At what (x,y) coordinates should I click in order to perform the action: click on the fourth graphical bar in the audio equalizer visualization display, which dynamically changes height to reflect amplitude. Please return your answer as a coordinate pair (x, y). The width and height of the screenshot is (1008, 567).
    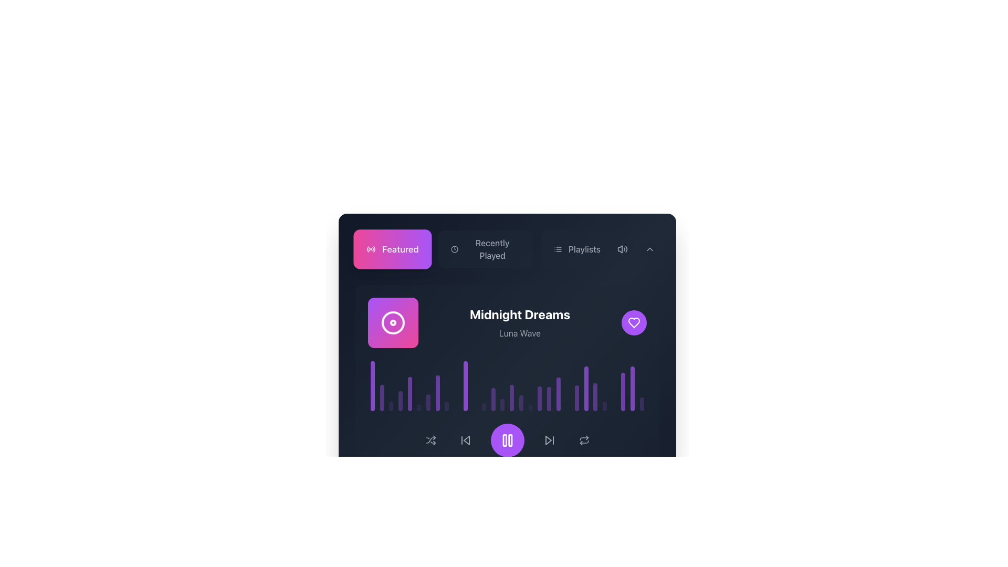
    Looking at the image, I should click on (400, 401).